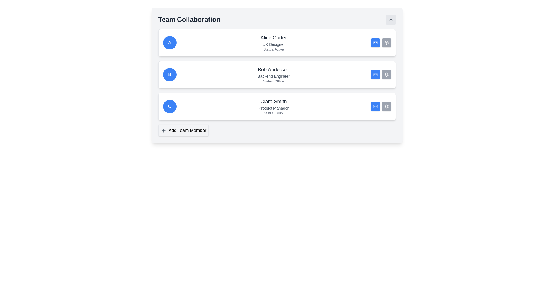 Image resolution: width=538 pixels, height=302 pixels. Describe the element at coordinates (381, 43) in the screenshot. I see `the interactive button group consisting of a blue mail icon button and a gray gear icon button located in the 'Team Collaboration' section, positioned to the far right of the card for 'Alice Carter, UX Designer, Status: Active'` at that location.